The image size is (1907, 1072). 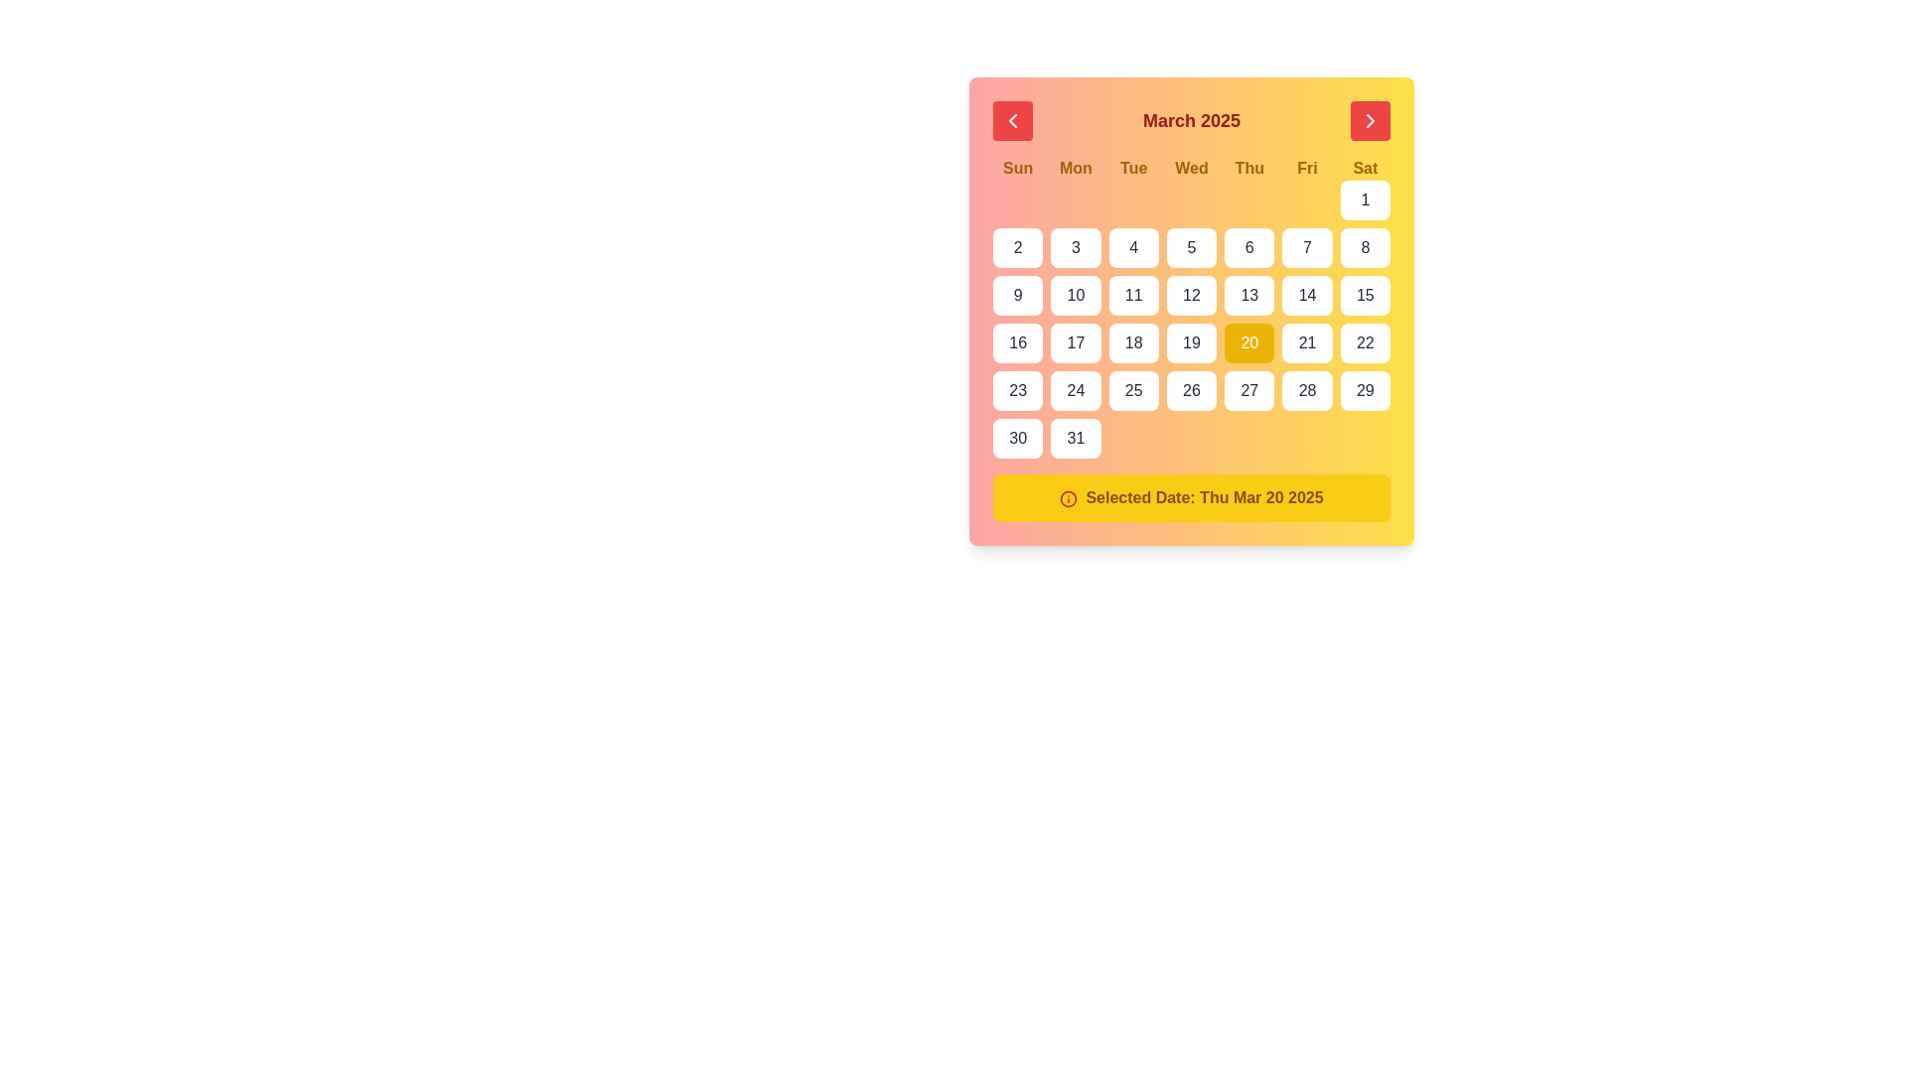 What do you see at coordinates (1192, 295) in the screenshot?
I see `the button representing the date '12' in the calendar` at bounding box center [1192, 295].